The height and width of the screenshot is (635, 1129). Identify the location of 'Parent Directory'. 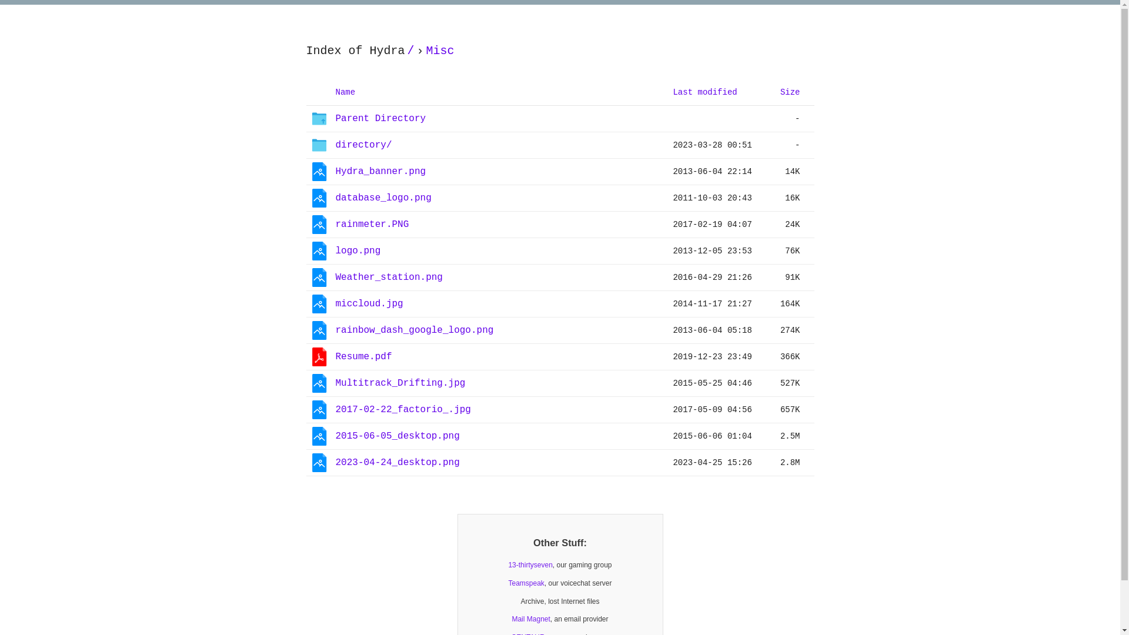
(380, 118).